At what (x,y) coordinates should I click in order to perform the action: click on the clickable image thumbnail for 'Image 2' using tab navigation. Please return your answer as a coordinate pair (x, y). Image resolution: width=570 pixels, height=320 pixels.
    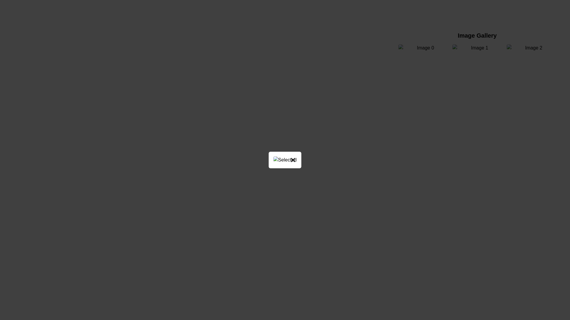
    Looking at the image, I should click on (531, 48).